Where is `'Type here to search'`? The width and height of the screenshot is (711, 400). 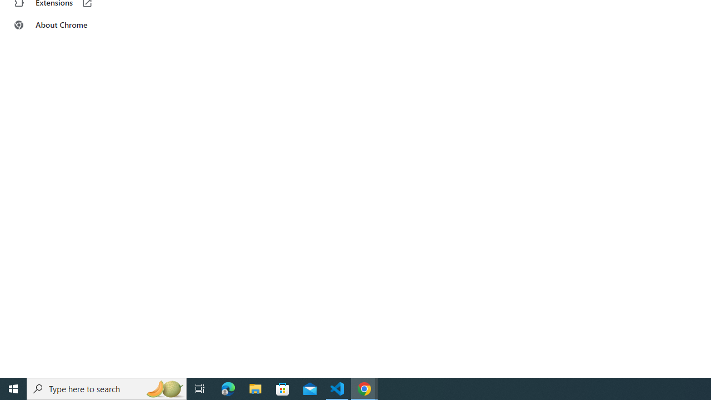 'Type here to search' is located at coordinates (107, 388).